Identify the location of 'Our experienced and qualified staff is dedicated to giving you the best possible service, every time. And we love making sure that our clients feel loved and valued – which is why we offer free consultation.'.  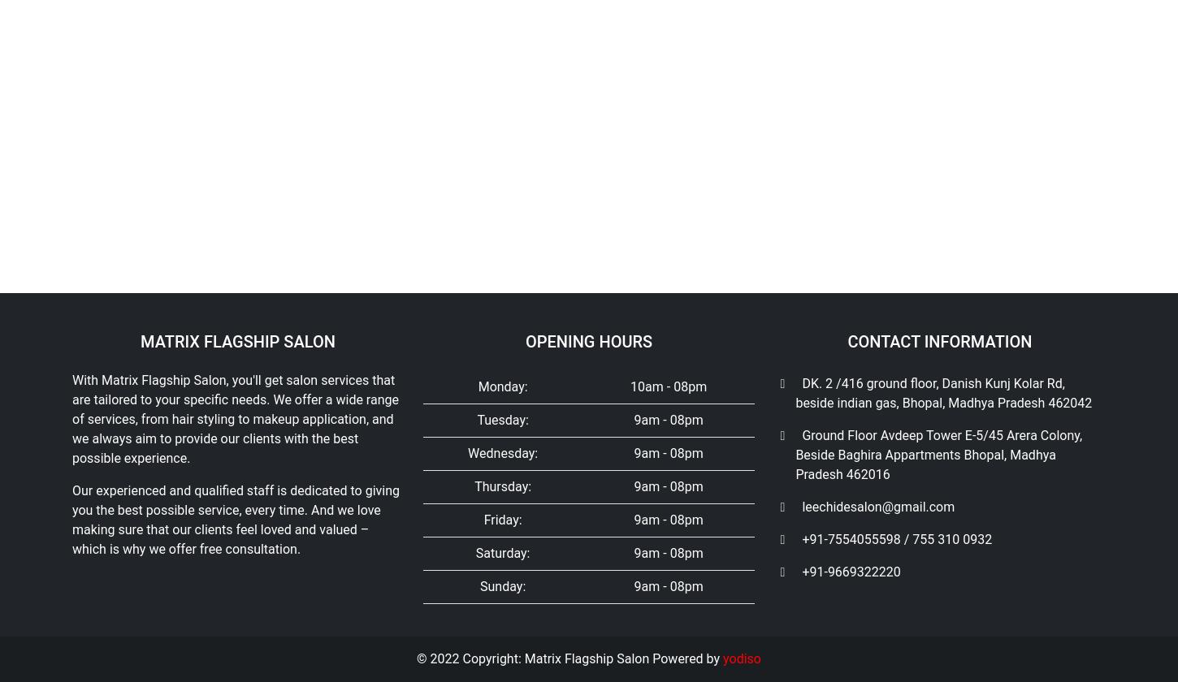
(236, 112).